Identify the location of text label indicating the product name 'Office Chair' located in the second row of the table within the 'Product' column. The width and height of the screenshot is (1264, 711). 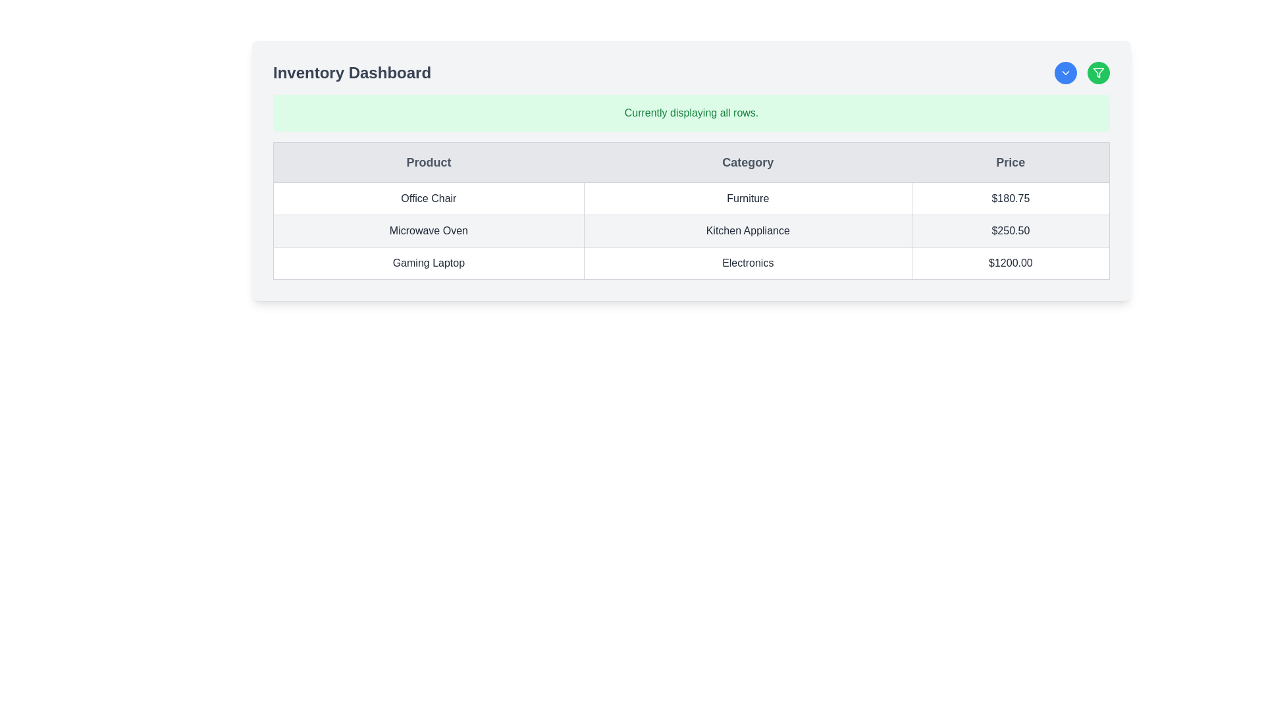
(429, 198).